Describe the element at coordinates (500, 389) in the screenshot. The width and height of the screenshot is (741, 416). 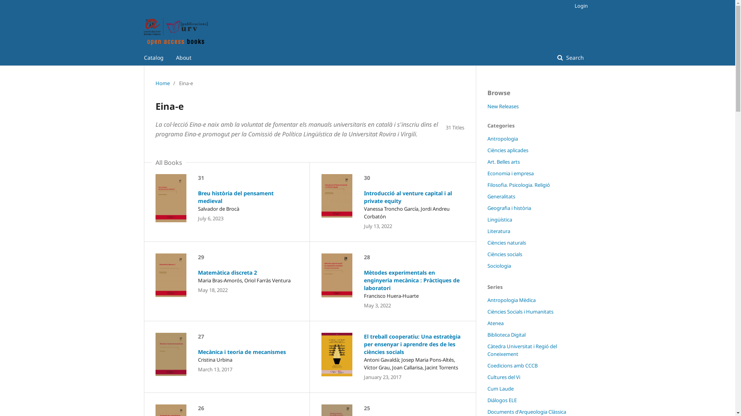
I see `'Cum Laude'` at that location.